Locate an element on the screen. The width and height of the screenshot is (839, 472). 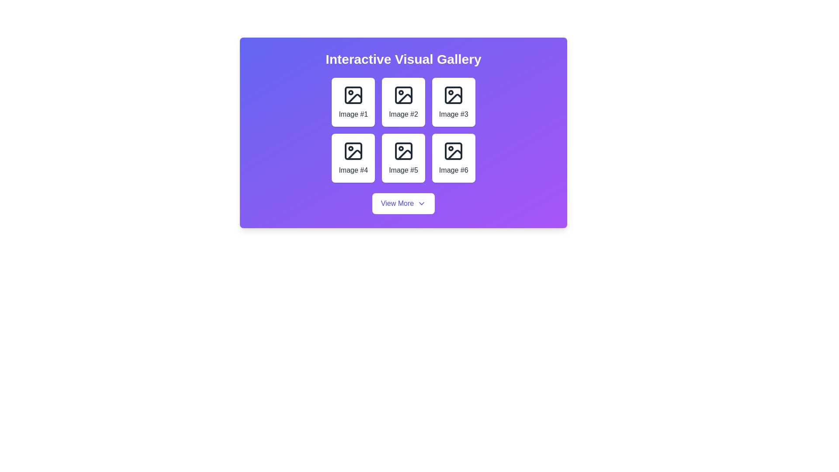
the text label indicating 'Image #6' located in the sixth tile of the 3x2 grid in the 'Interactive Visual Gallery' is located at coordinates (454, 170).